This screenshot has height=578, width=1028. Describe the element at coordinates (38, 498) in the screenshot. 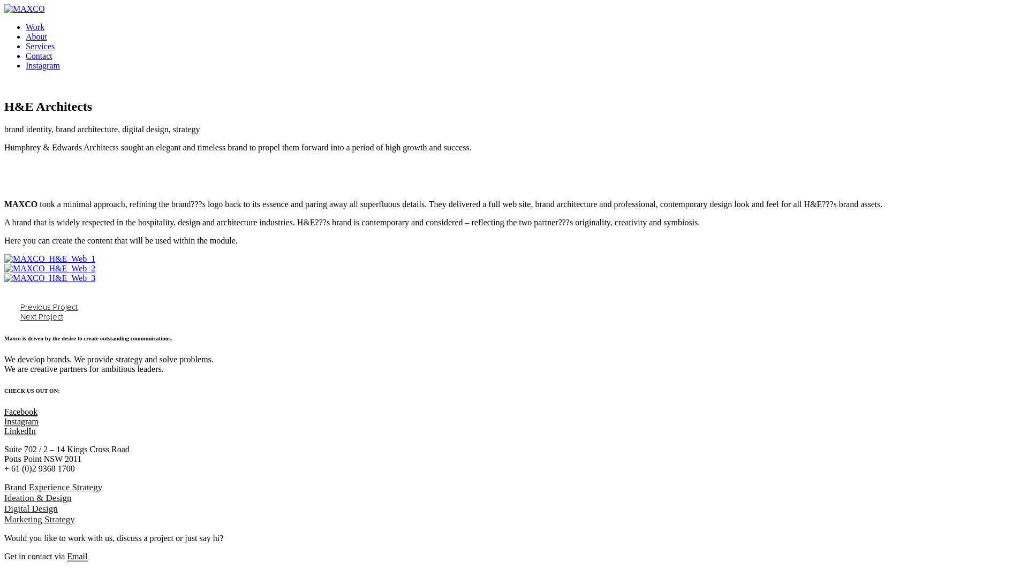

I see `'Ideation & Design'` at that location.